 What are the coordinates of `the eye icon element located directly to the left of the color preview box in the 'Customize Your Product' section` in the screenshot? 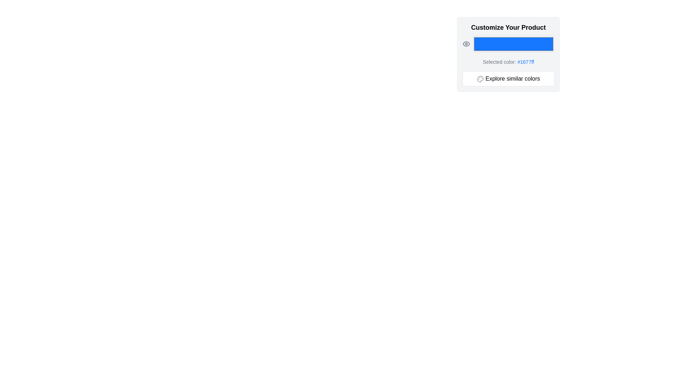 It's located at (466, 44).